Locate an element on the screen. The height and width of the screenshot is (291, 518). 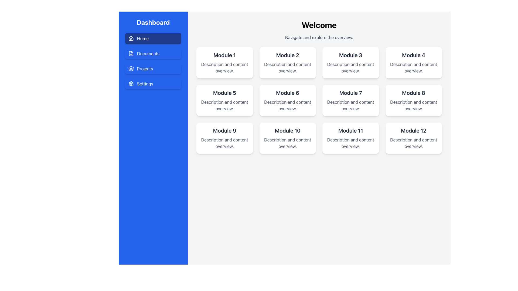
the Text Block that provides concise information about the 'Module 7' card, located in the third column of the second row of the module grid is located at coordinates (350, 105).